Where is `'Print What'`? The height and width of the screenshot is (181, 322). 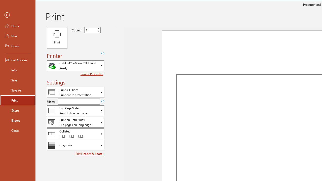
'Print What' is located at coordinates (75, 92).